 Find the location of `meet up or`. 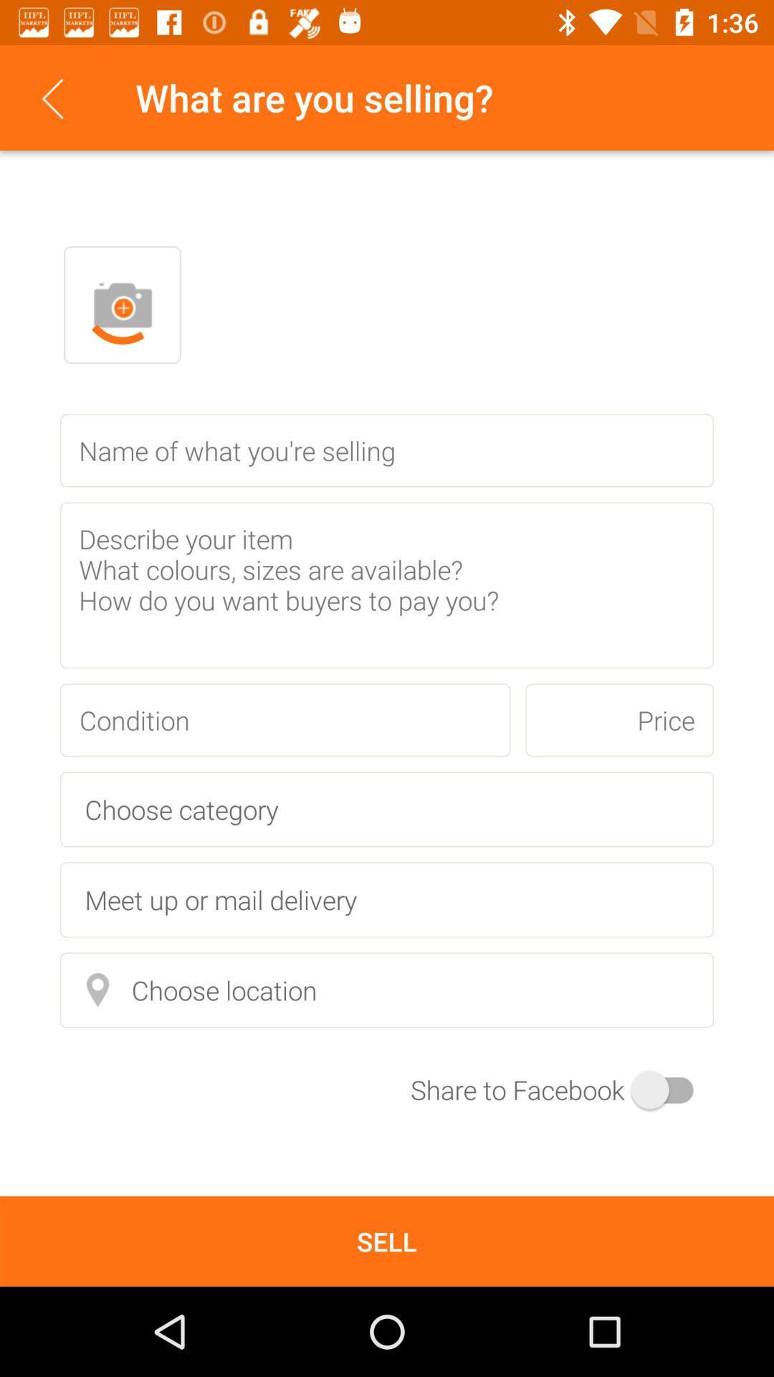

meet up or is located at coordinates (387, 899).